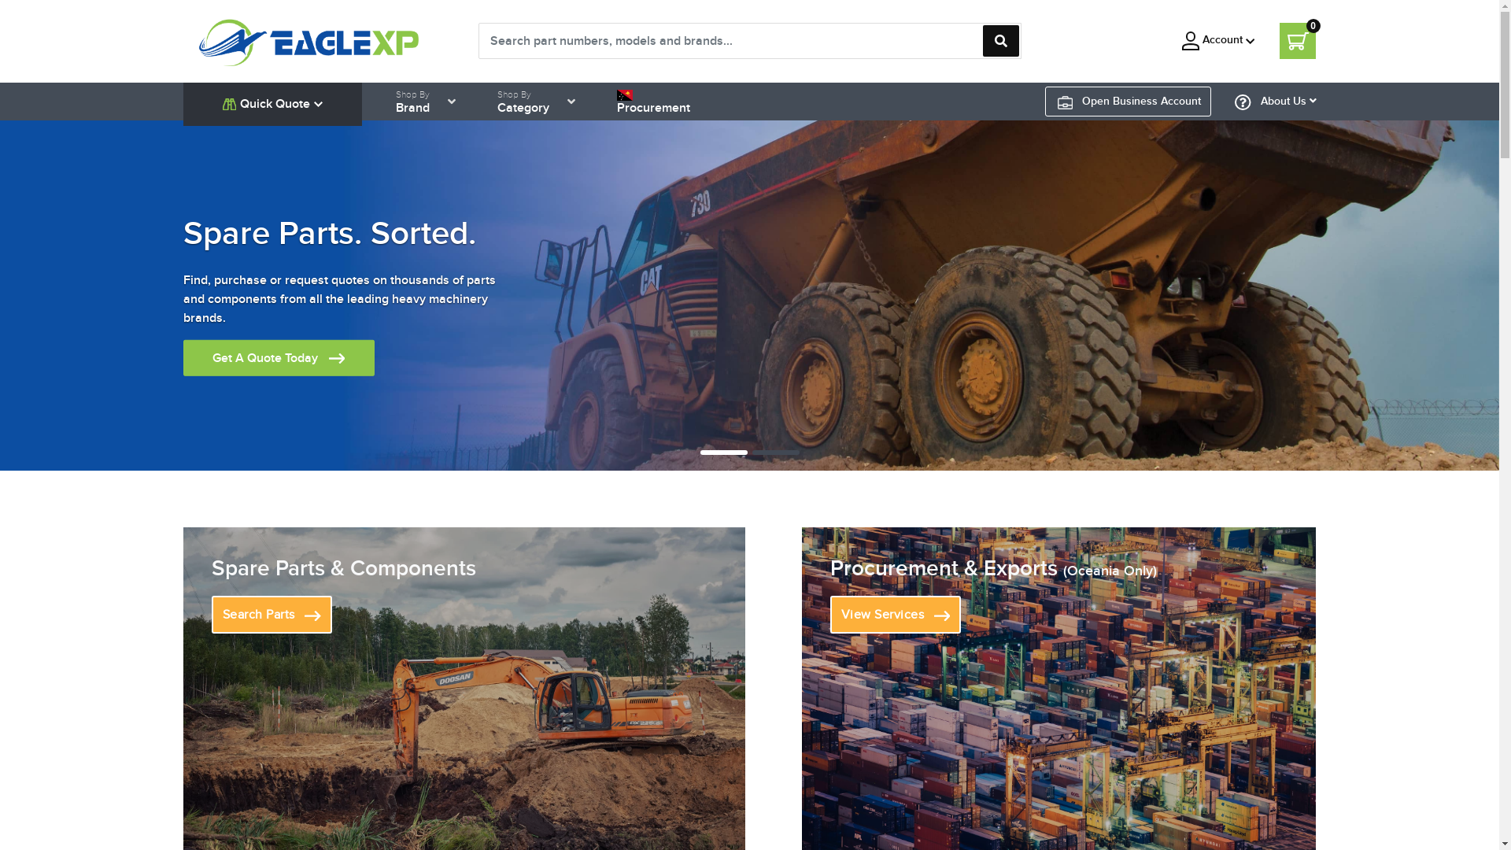  I want to click on 'Quick Quote', so click(272, 103).